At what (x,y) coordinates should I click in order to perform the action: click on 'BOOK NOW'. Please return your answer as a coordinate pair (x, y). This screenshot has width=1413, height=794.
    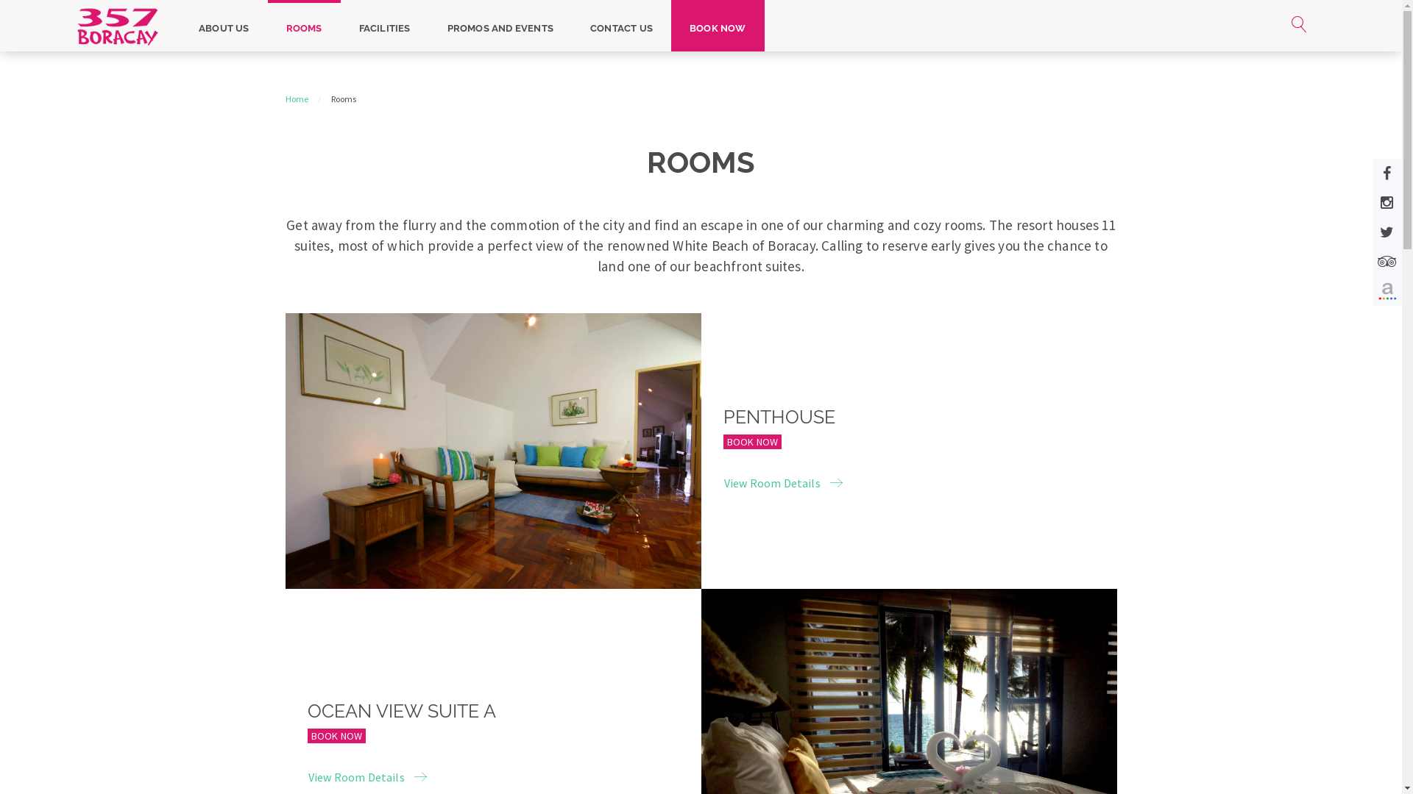
    Looking at the image, I should click on (718, 25).